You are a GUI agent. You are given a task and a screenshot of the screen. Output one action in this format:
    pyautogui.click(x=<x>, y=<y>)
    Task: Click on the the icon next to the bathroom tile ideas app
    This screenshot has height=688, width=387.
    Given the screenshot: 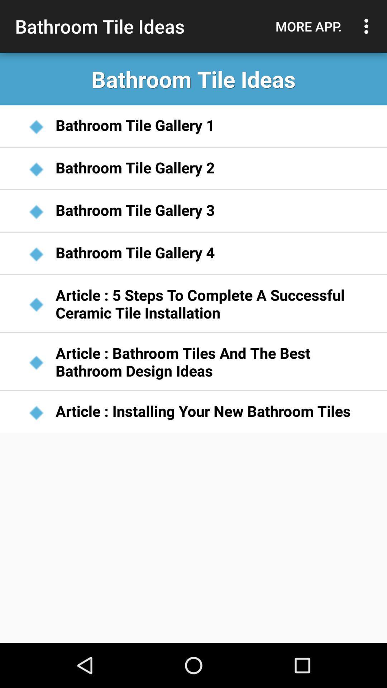 What is the action you would take?
    pyautogui.click(x=308, y=26)
    